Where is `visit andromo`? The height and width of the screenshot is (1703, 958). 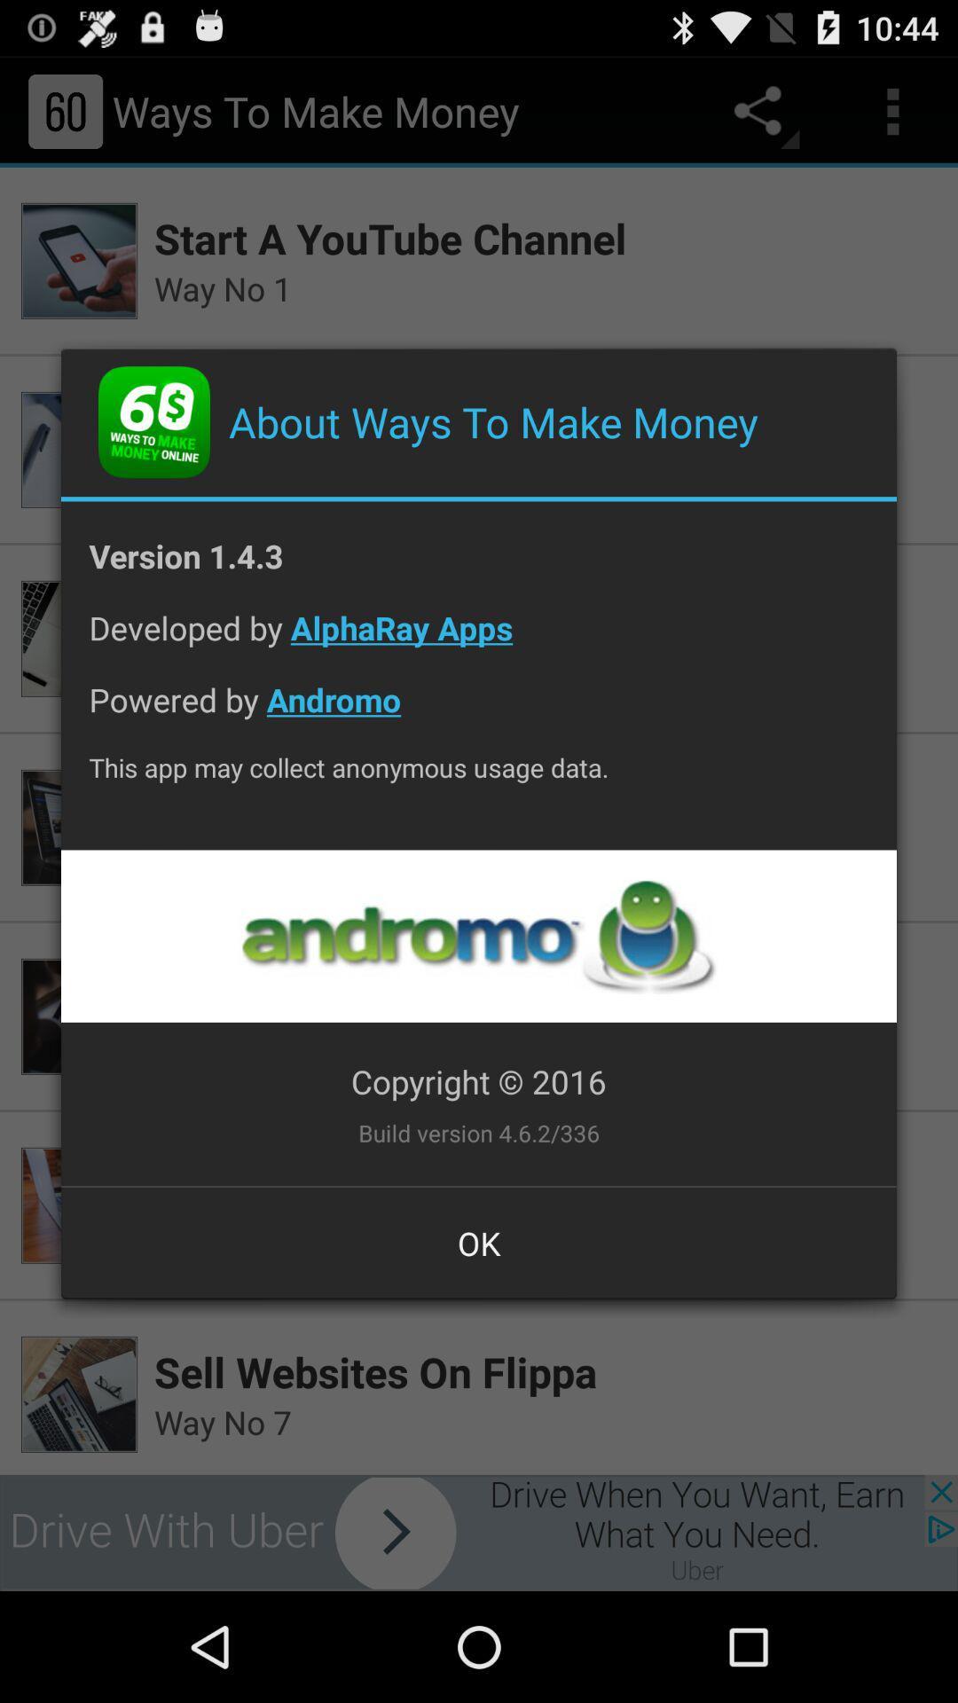 visit andromo is located at coordinates (477, 935).